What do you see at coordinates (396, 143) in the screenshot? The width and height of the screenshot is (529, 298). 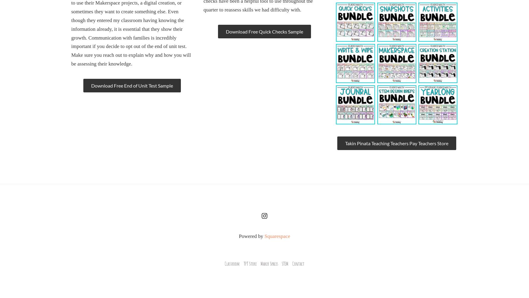 I see `'Takin Pinata Teaching Teachers Pay Teachers Store'` at bounding box center [396, 143].